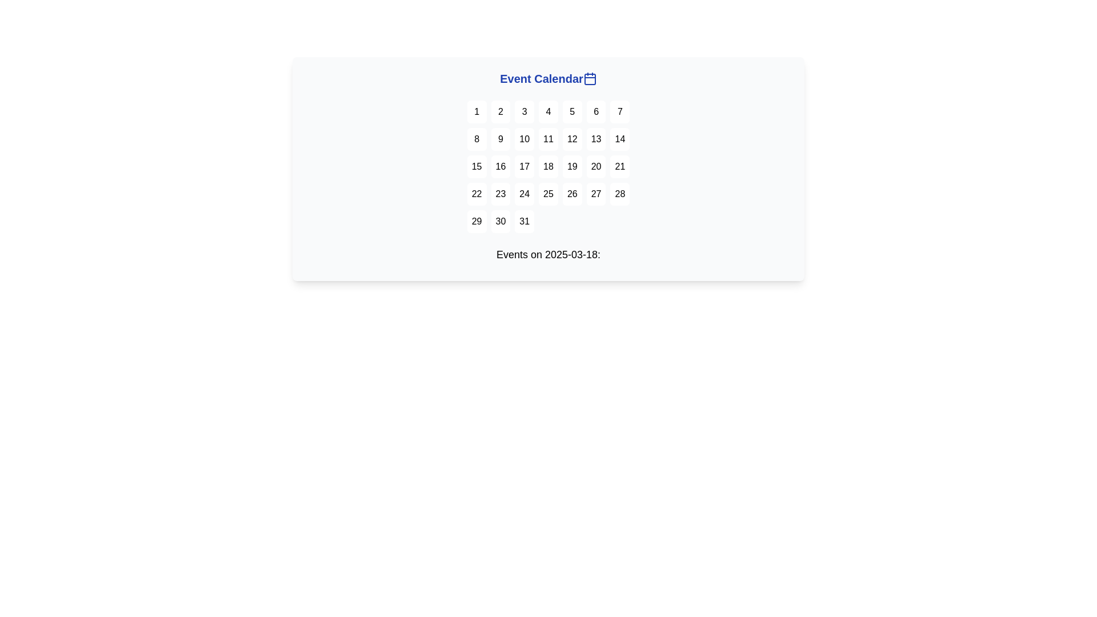  I want to click on the button representing the 27th day in the calendar interface, so click(595, 193).